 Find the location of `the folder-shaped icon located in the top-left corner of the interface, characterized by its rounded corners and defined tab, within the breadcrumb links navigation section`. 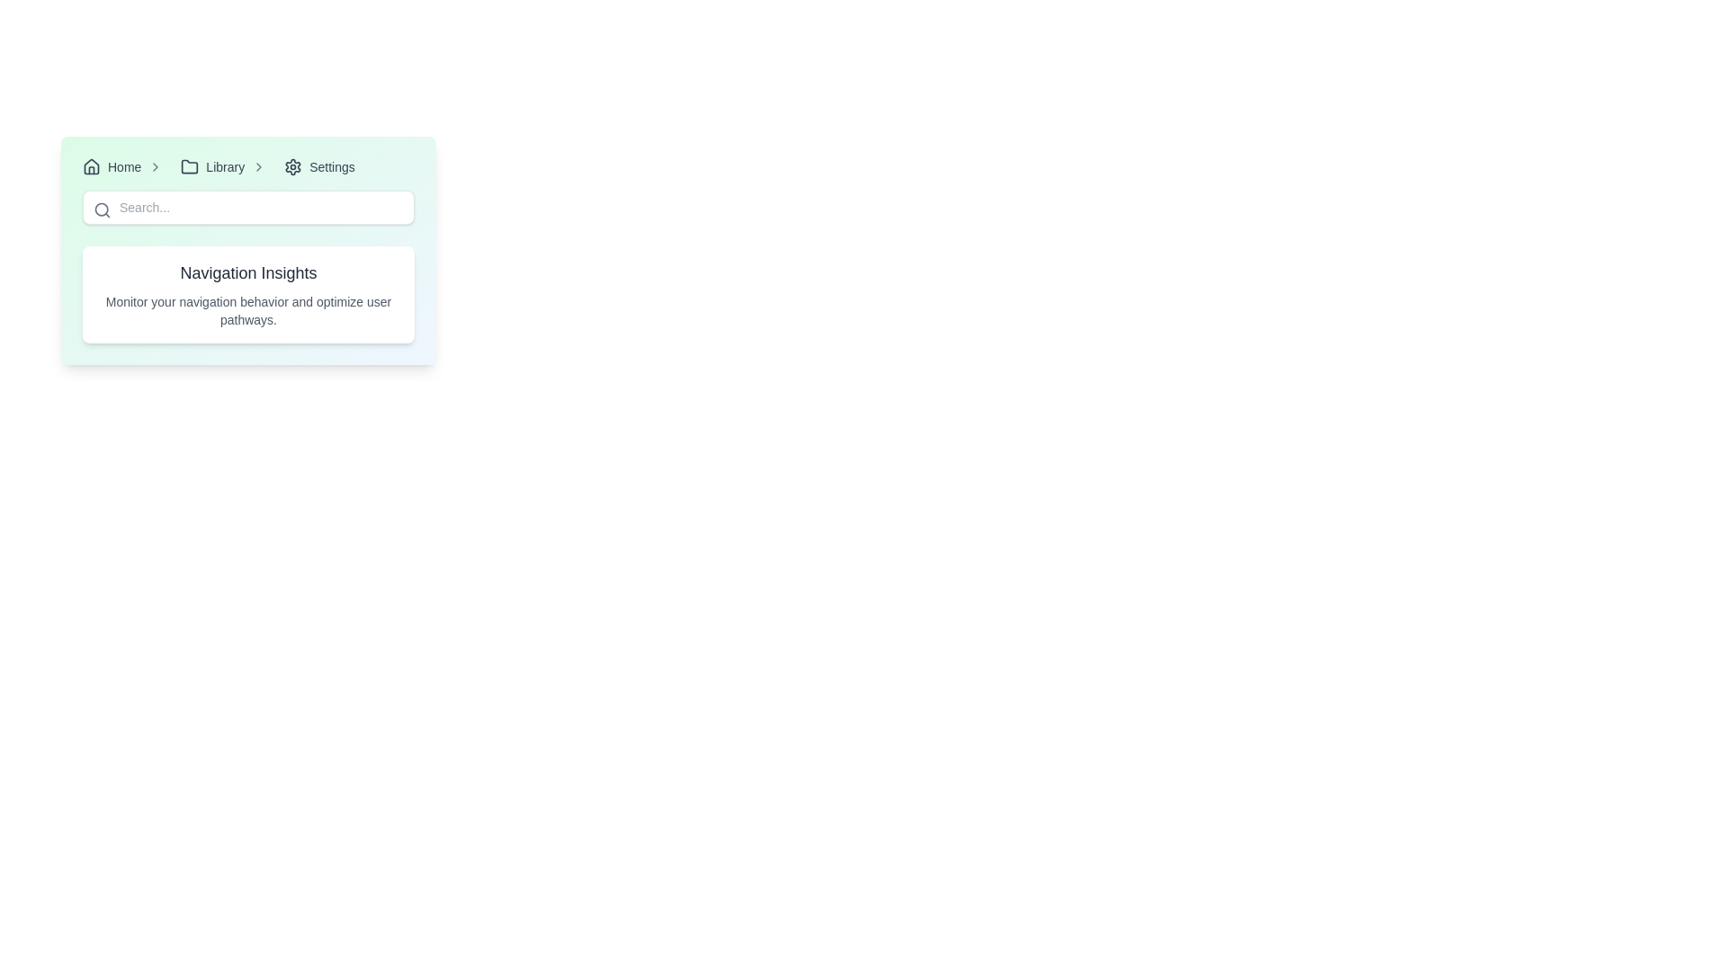

the folder-shaped icon located in the top-left corner of the interface, characterized by its rounded corners and defined tab, within the breadcrumb links navigation section is located at coordinates (190, 166).